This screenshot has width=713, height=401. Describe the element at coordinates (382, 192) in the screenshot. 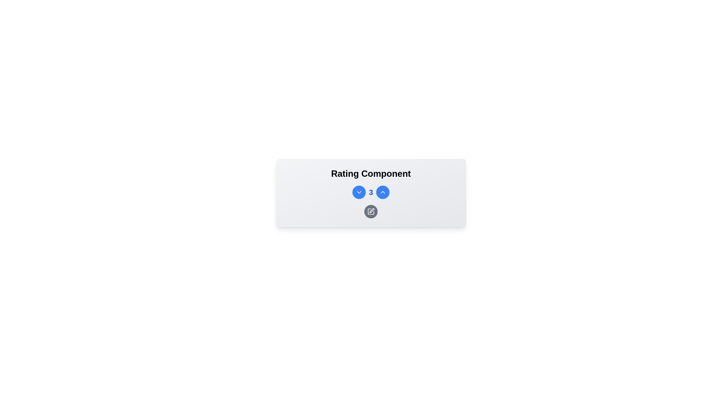

I see `the increment button located to the right of the numeric label '3' to increase the value` at that location.